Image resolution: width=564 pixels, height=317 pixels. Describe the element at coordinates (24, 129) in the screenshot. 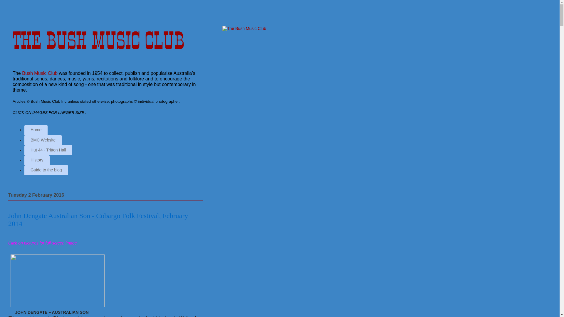

I see `'Home'` at that location.